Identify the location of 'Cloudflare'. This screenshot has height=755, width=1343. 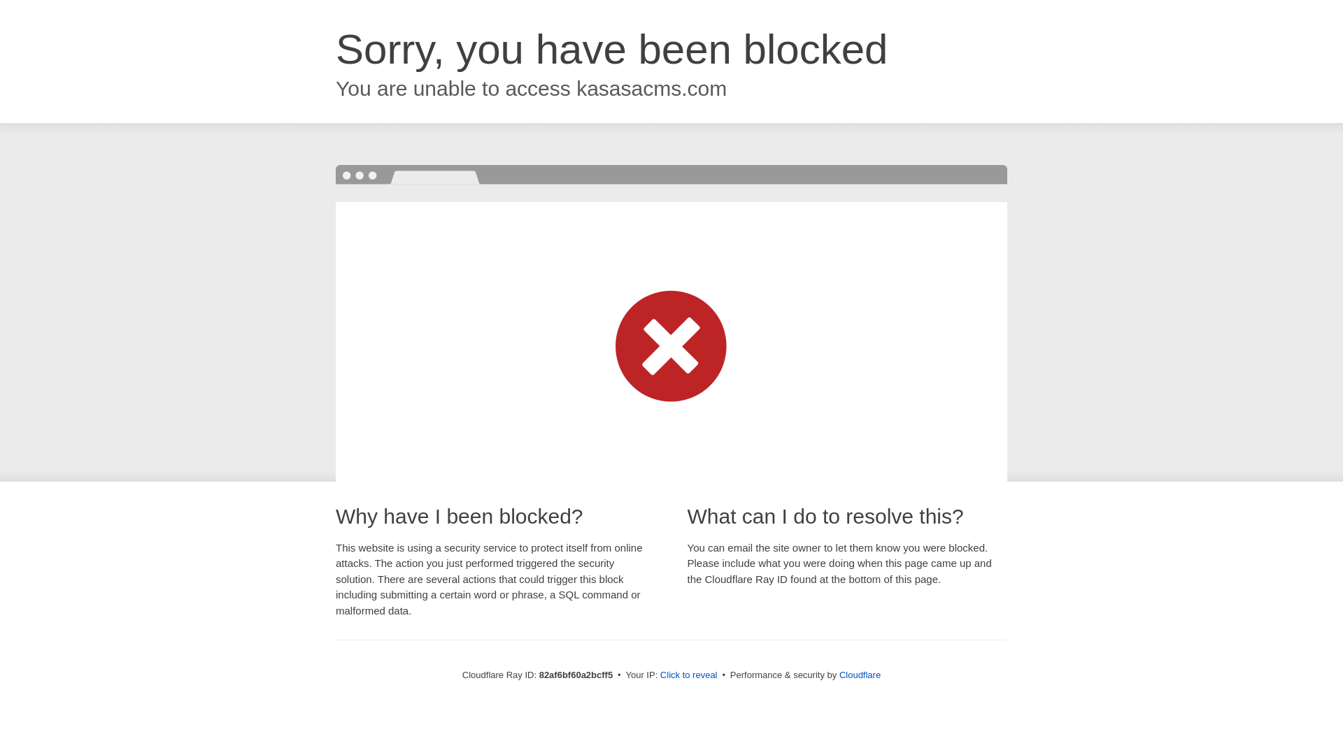
(839, 674).